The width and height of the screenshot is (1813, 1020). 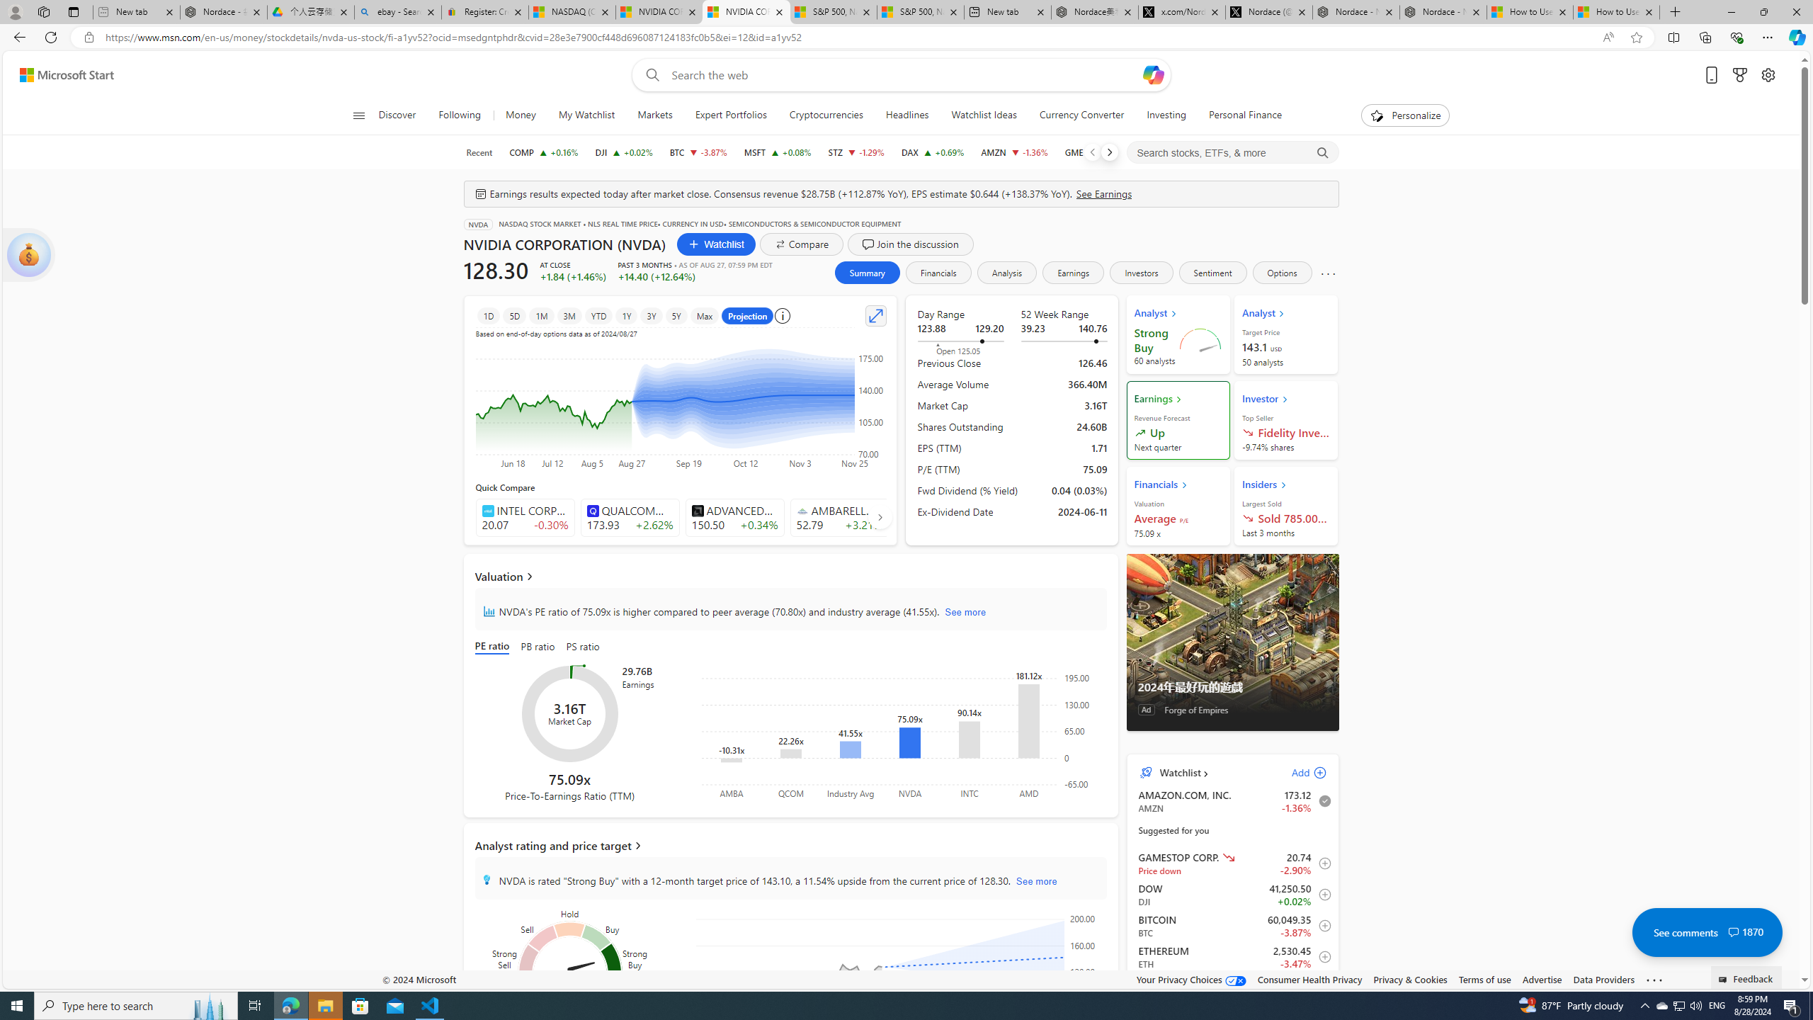 I want to click on 'Data Providers', so click(x=1604, y=979).